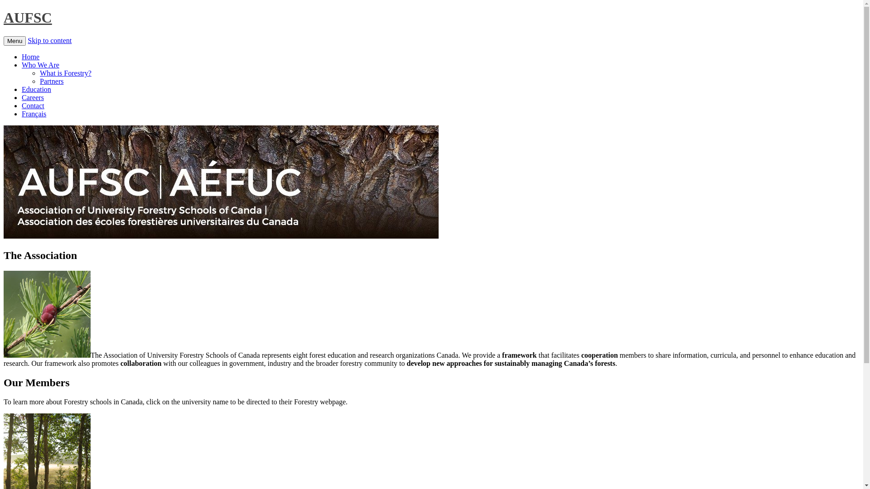  What do you see at coordinates (30, 57) in the screenshot?
I see `'Home'` at bounding box center [30, 57].